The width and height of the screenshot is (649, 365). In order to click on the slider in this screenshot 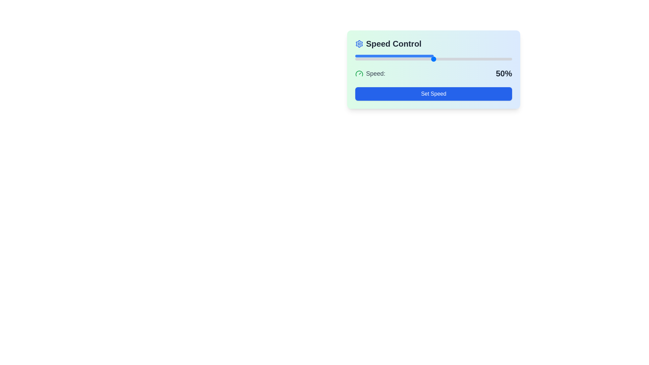, I will do `click(468, 58)`.